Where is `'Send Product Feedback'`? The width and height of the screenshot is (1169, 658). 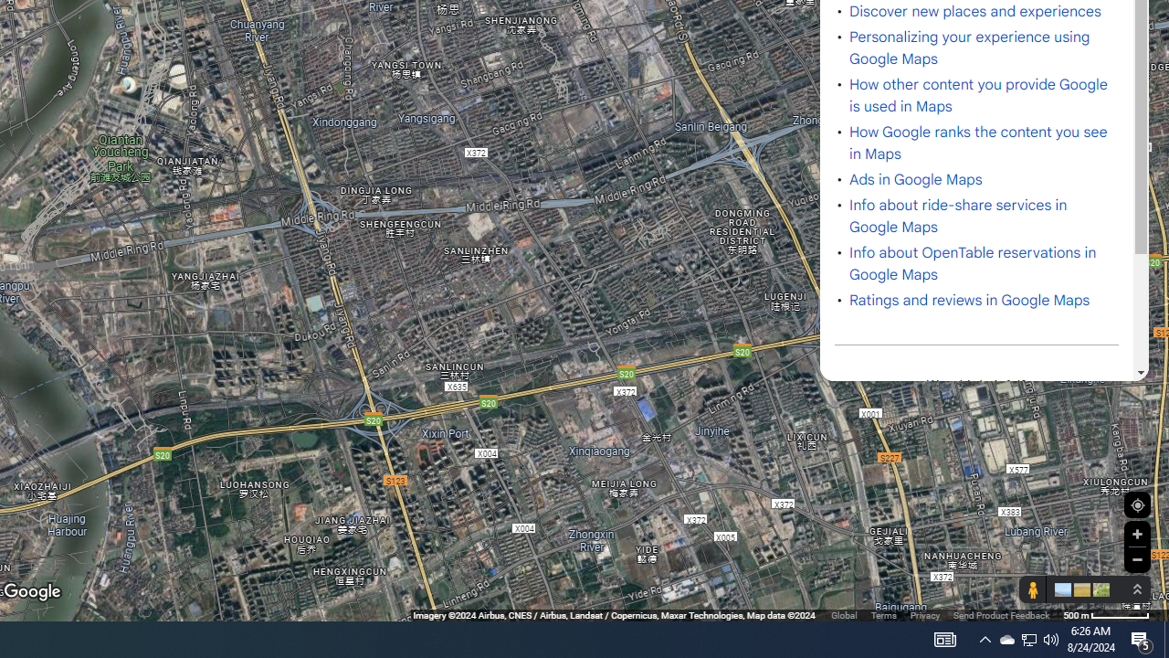 'Send Product Feedback' is located at coordinates (1000, 615).